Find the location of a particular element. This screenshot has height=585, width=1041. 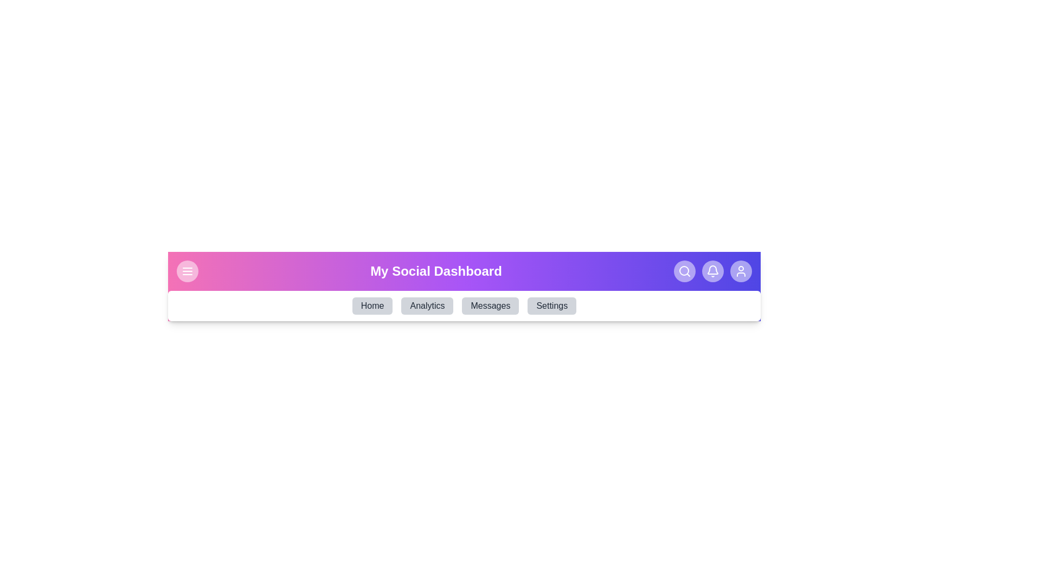

the notification button to view alerts is located at coordinates (713, 271).